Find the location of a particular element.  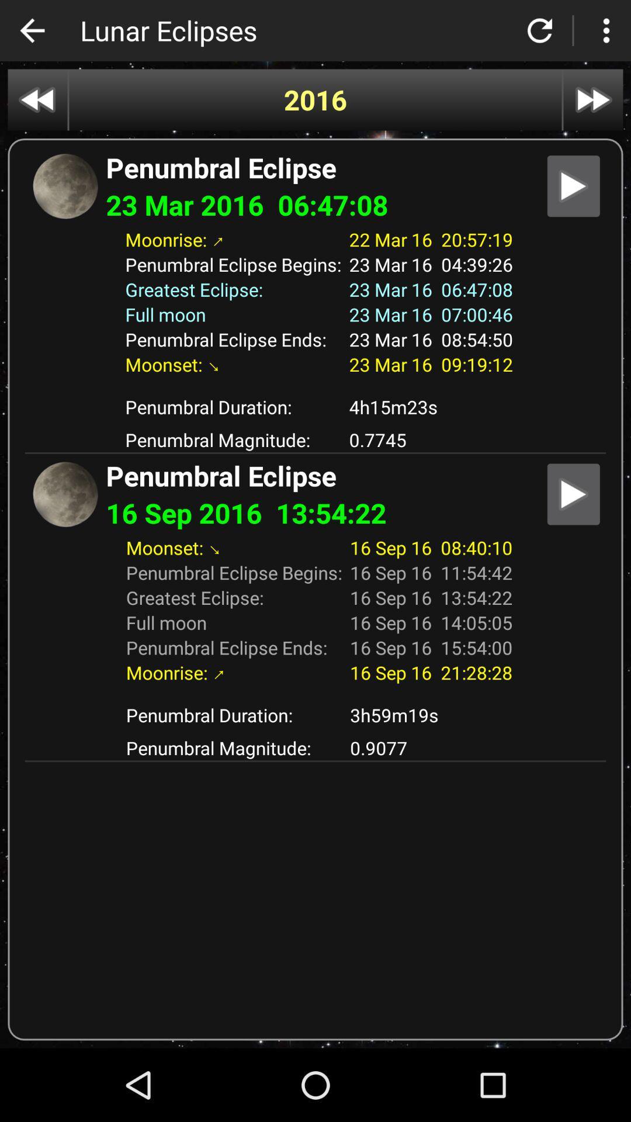

the app next to the lunar eclipses icon is located at coordinates (32, 30).